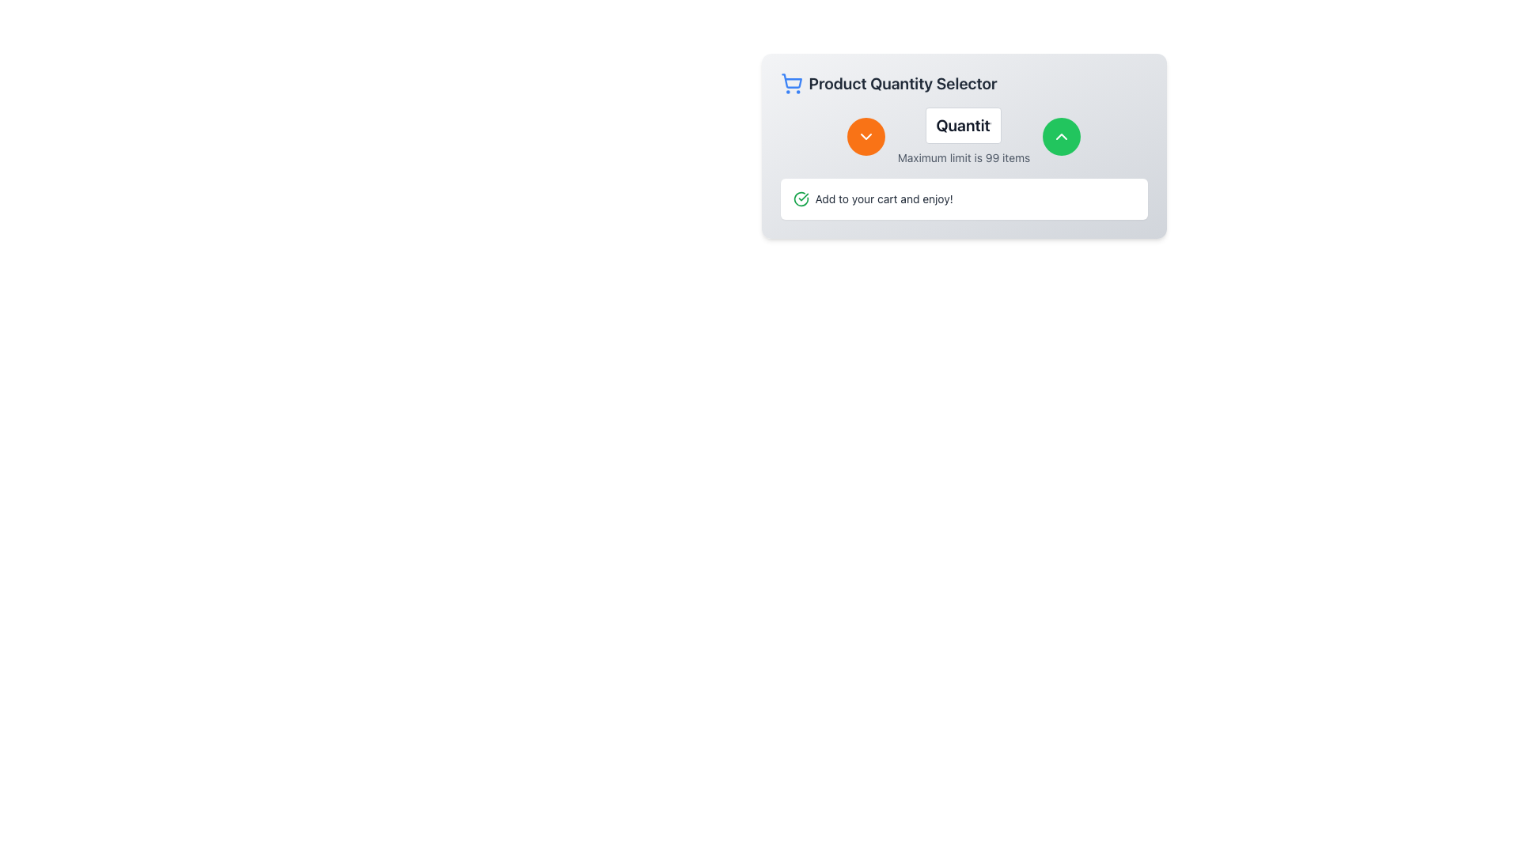 This screenshot has width=1519, height=854. Describe the element at coordinates (791, 81) in the screenshot. I see `the shopping cart vector icon, which is part of an SVG element and located near the top-left corner of the product quantity selector panel` at that location.